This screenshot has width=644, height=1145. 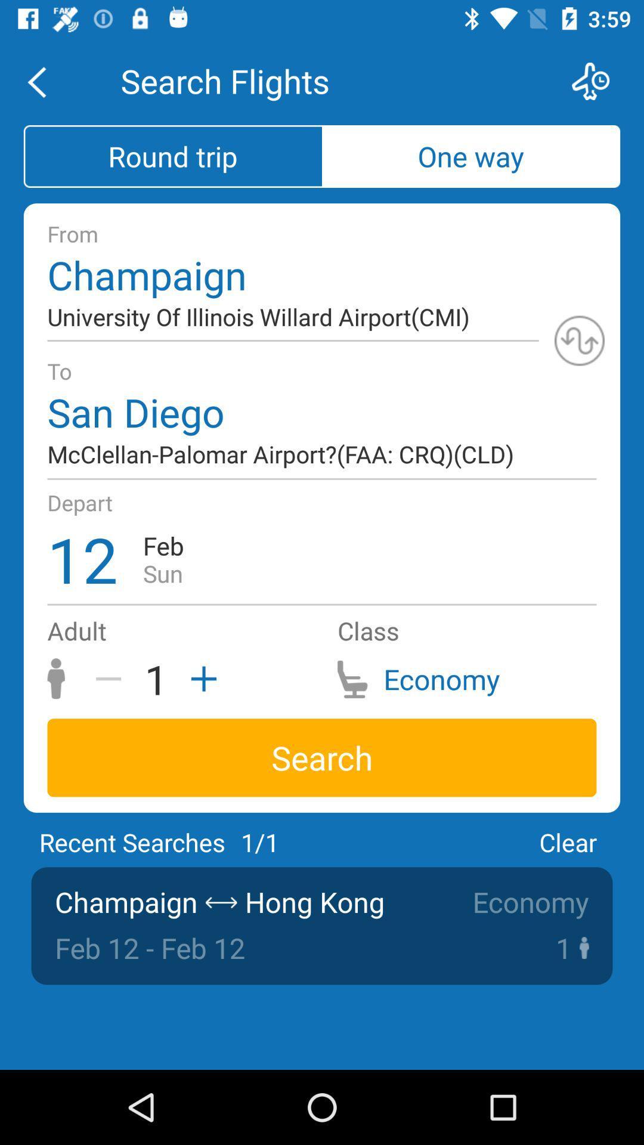 What do you see at coordinates (470, 156) in the screenshot?
I see `icon next to the round trip icon` at bounding box center [470, 156].